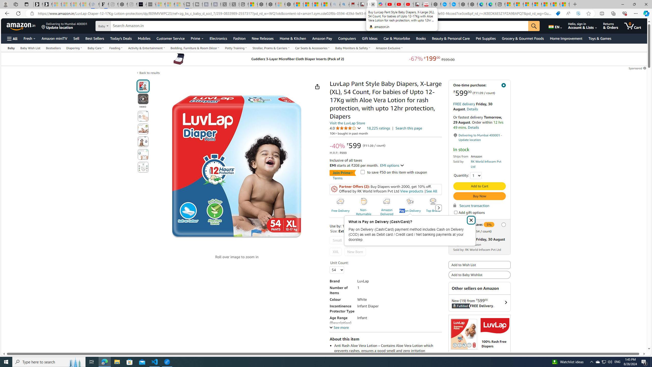  Describe the element at coordinates (409, 4) in the screenshot. I see `'YouTube Kids - An App Created for Kids to Explore Content'` at that location.